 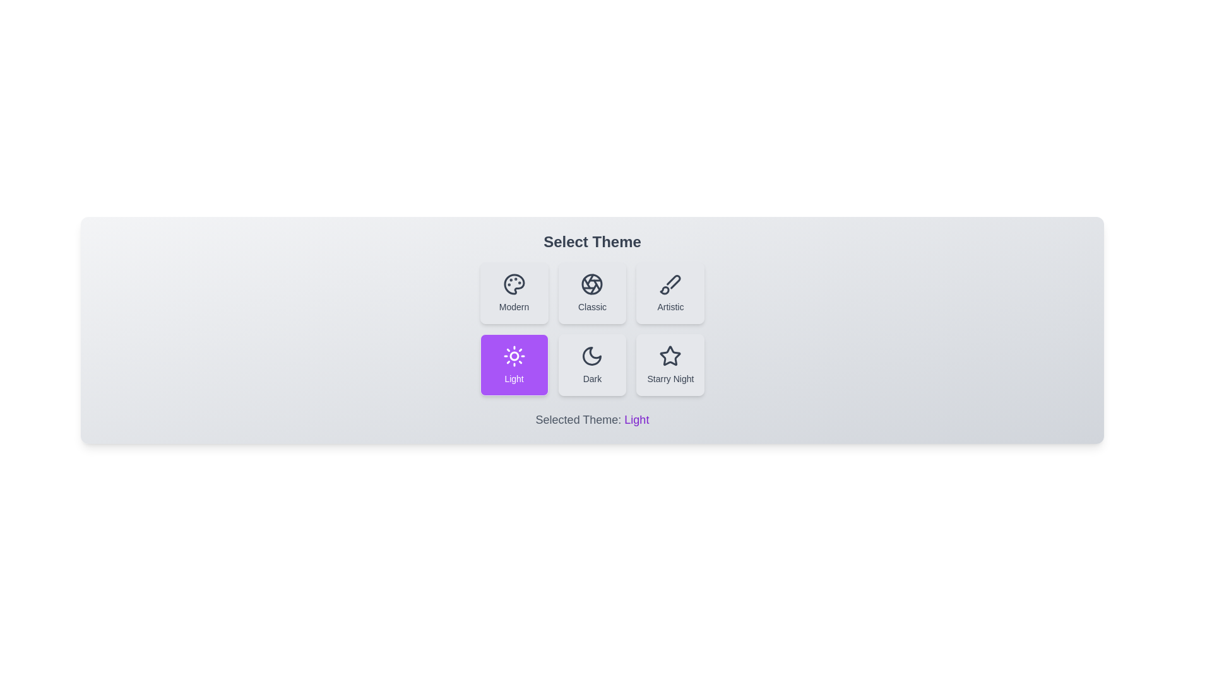 I want to click on the theme button corresponding to Dark to select it, so click(x=591, y=364).